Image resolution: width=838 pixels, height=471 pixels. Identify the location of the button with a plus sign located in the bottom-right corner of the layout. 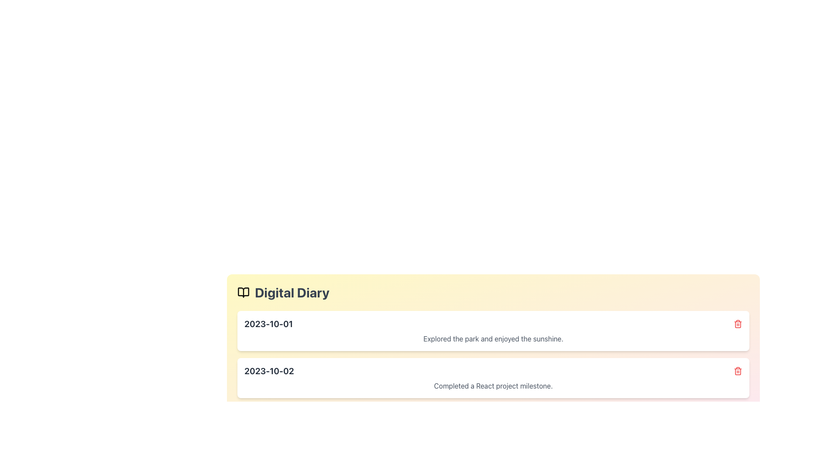
(737, 413).